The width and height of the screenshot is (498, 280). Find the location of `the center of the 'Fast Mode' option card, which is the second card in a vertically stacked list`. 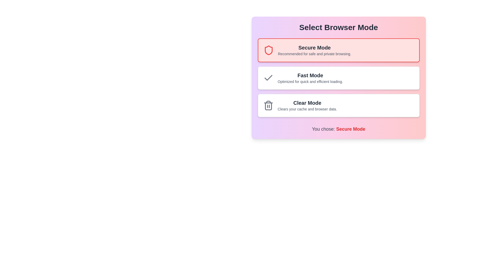

the center of the 'Fast Mode' option card, which is the second card in a vertically stacked list is located at coordinates (338, 78).